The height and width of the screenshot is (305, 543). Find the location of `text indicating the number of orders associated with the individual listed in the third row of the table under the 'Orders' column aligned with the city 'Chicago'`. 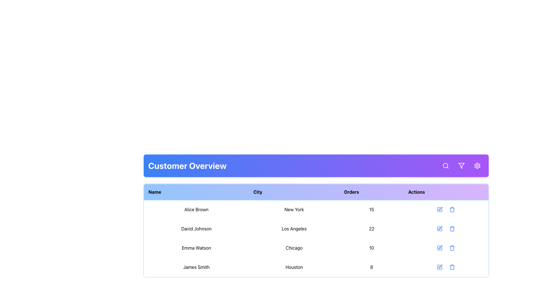

text indicating the number of orders associated with the individual listed in the third row of the table under the 'Orders' column aligned with the city 'Chicago' is located at coordinates (372, 248).